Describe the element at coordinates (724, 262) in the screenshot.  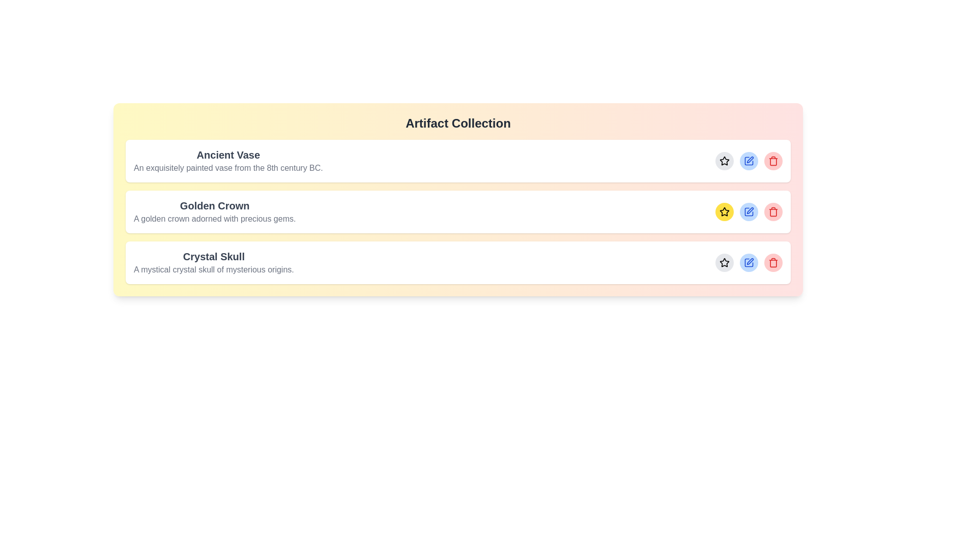
I see `the star button corresponding to the artifact named Crystal Skull to toggle its 'like' status` at that location.